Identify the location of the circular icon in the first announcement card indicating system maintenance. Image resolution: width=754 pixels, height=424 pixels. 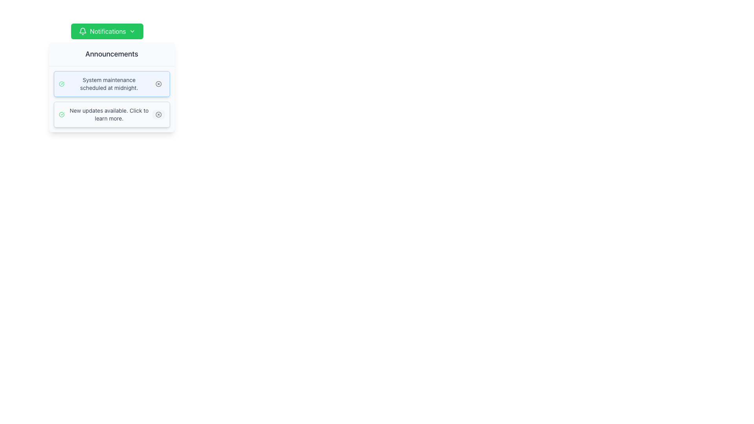
(158, 84).